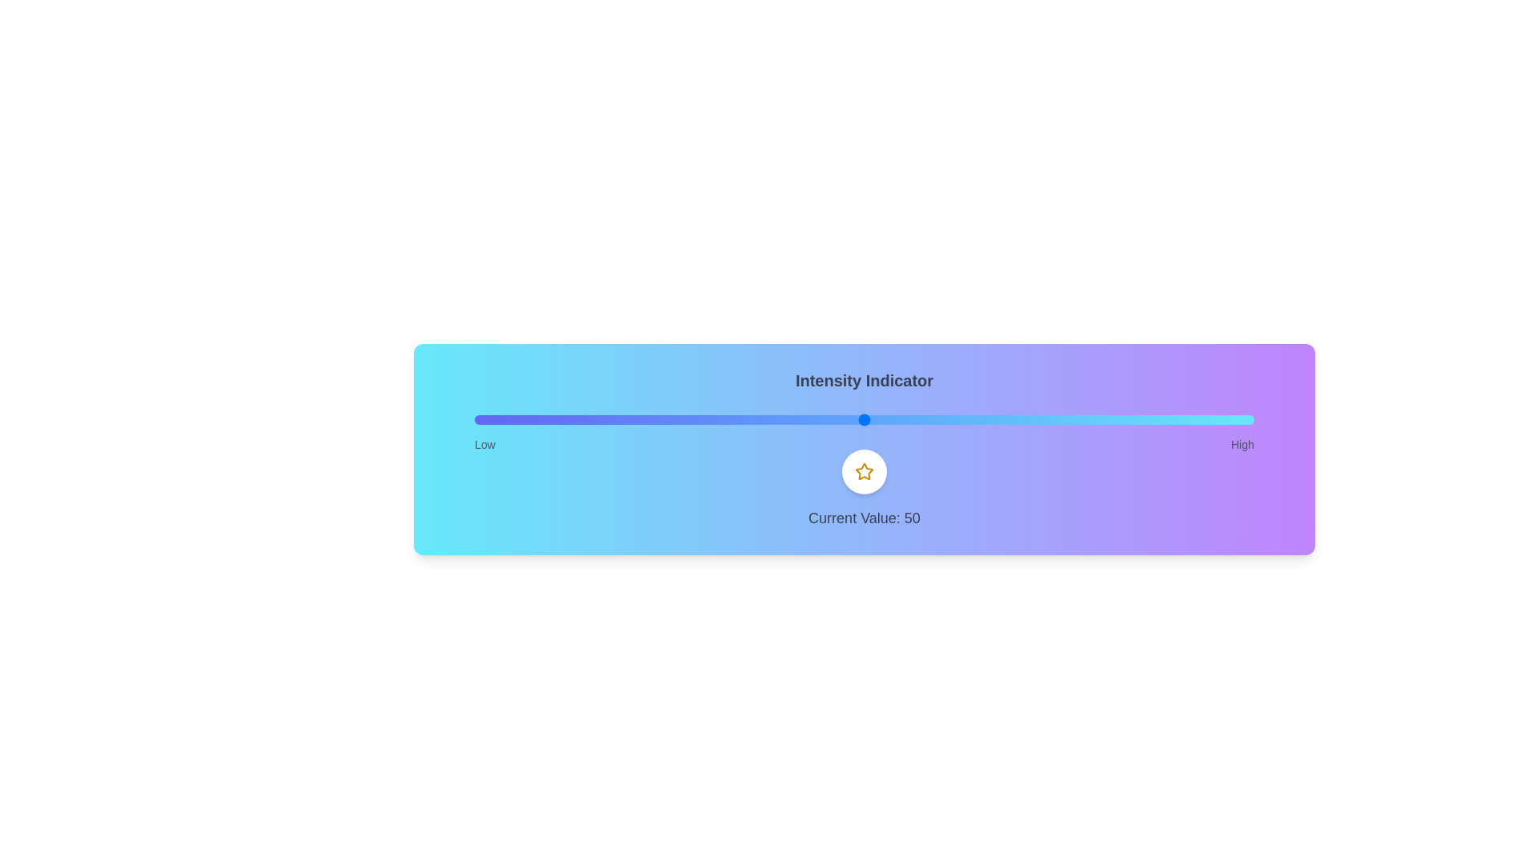 The width and height of the screenshot is (1537, 864). I want to click on the slider to set the intensity to 61, so click(950, 418).